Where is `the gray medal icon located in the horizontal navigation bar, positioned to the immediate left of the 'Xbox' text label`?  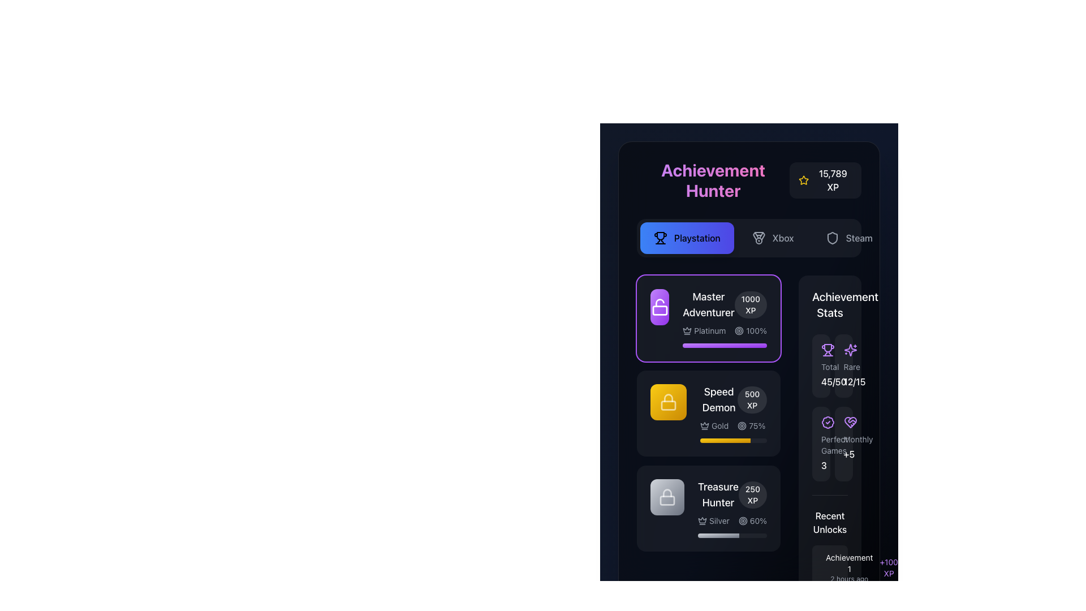
the gray medal icon located in the horizontal navigation bar, positioned to the immediate left of the 'Xbox' text label is located at coordinates (759, 237).